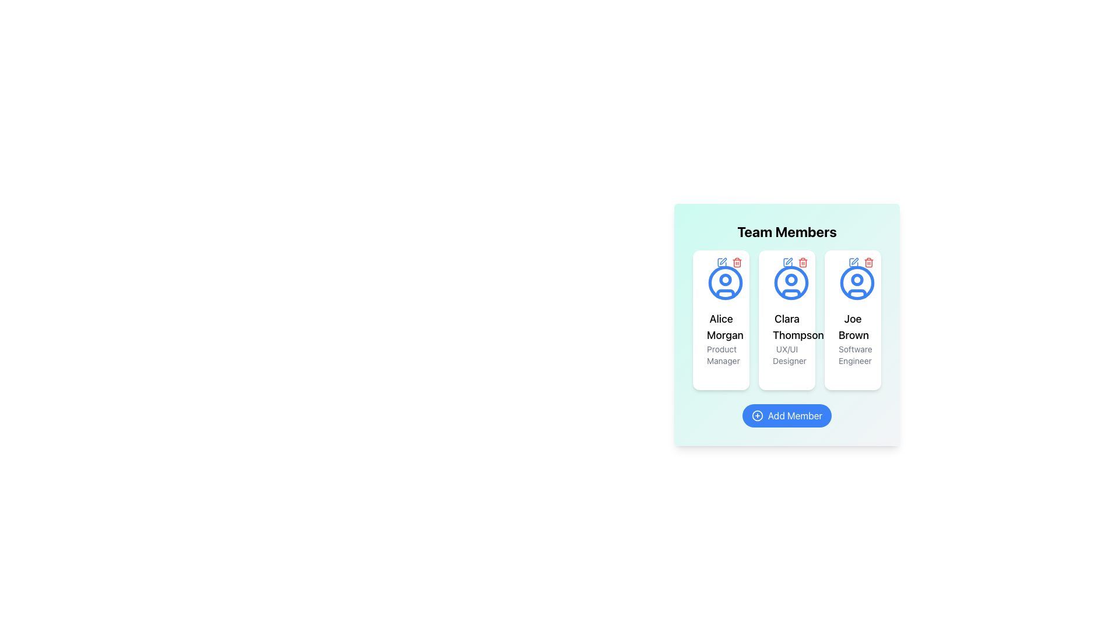 This screenshot has width=1119, height=629. What do you see at coordinates (787, 325) in the screenshot?
I see `the second user profile card in the 'Team Members' section, which displays essential details like name and job title, located above the 'Add Member' button` at bounding box center [787, 325].